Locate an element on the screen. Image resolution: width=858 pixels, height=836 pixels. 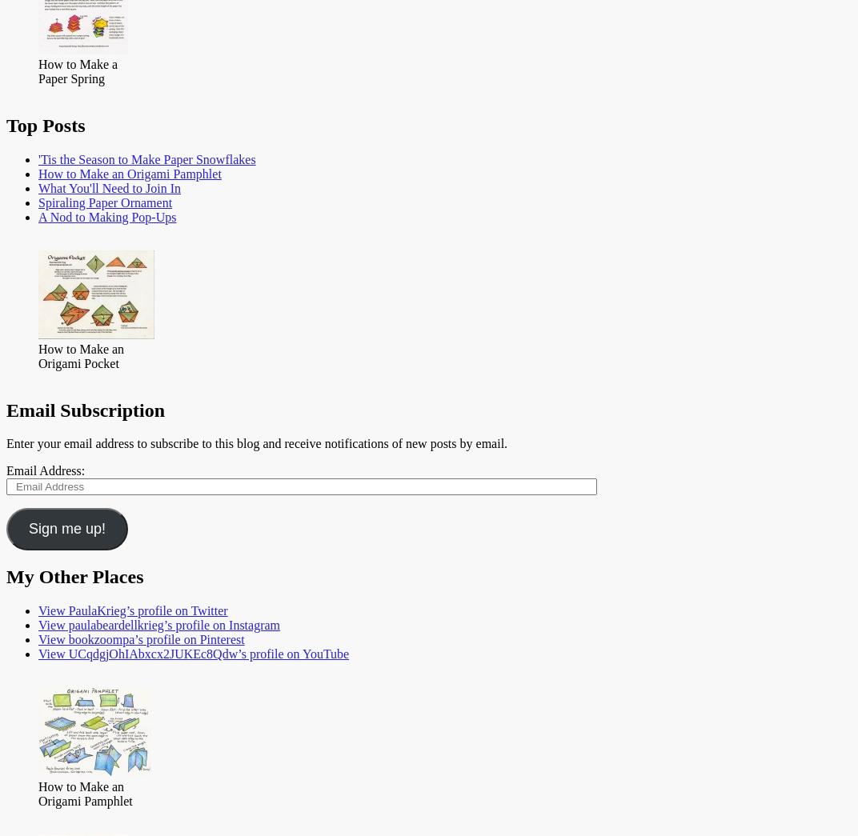
'How to Make an Origami Pocket' is located at coordinates (81, 355).